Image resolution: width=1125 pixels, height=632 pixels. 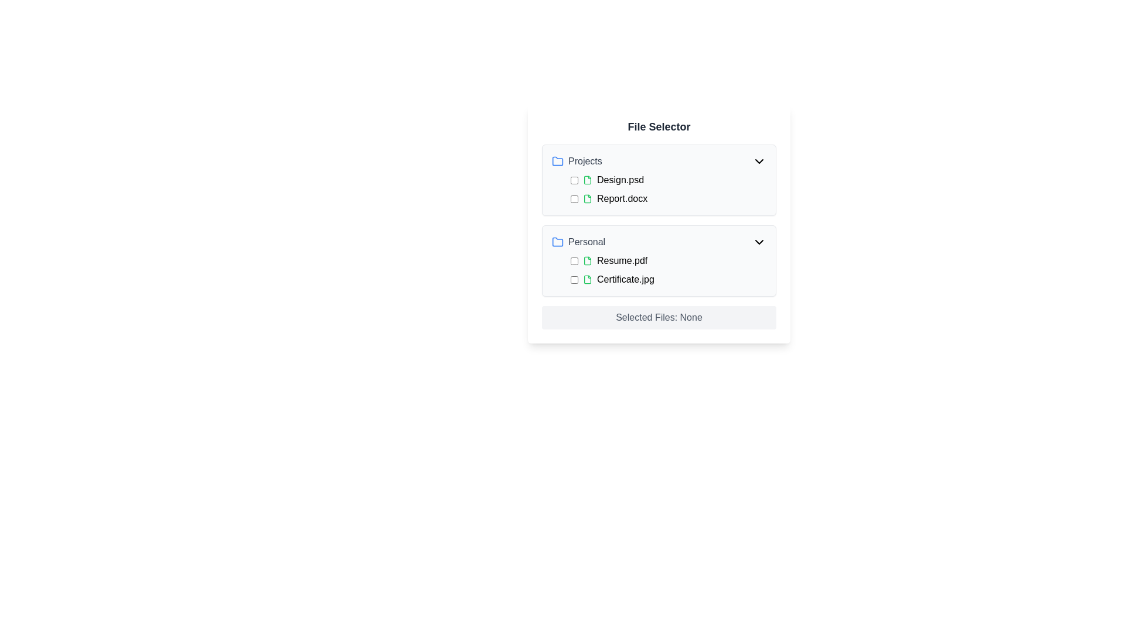 What do you see at coordinates (588, 198) in the screenshot?
I see `the icon representing the file type or status of 'Report.docx' located in the 'Projects' section of the File Selector interface` at bounding box center [588, 198].